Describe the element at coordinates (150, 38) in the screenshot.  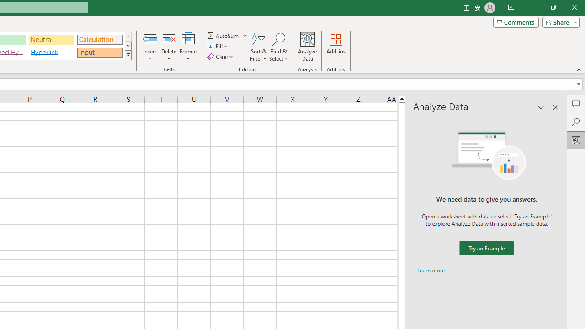
I see `'Insert Cells'` at that location.